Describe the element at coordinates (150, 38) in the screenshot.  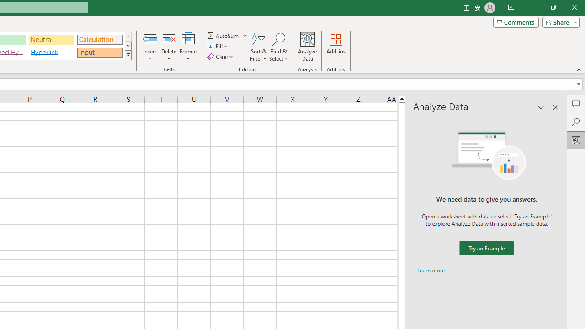
I see `'Insert Cells'` at that location.